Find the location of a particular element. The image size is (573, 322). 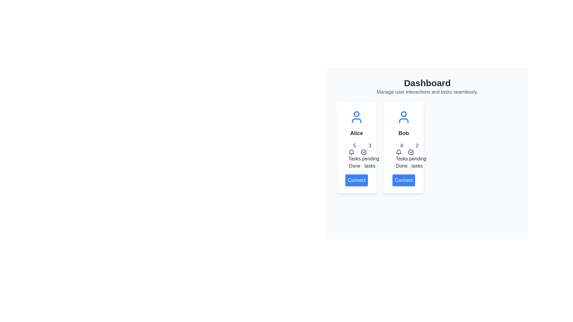

the circular icon with a check mark inside, indicating a completed task status, located in the left card of a two-card group is located at coordinates (363, 152).